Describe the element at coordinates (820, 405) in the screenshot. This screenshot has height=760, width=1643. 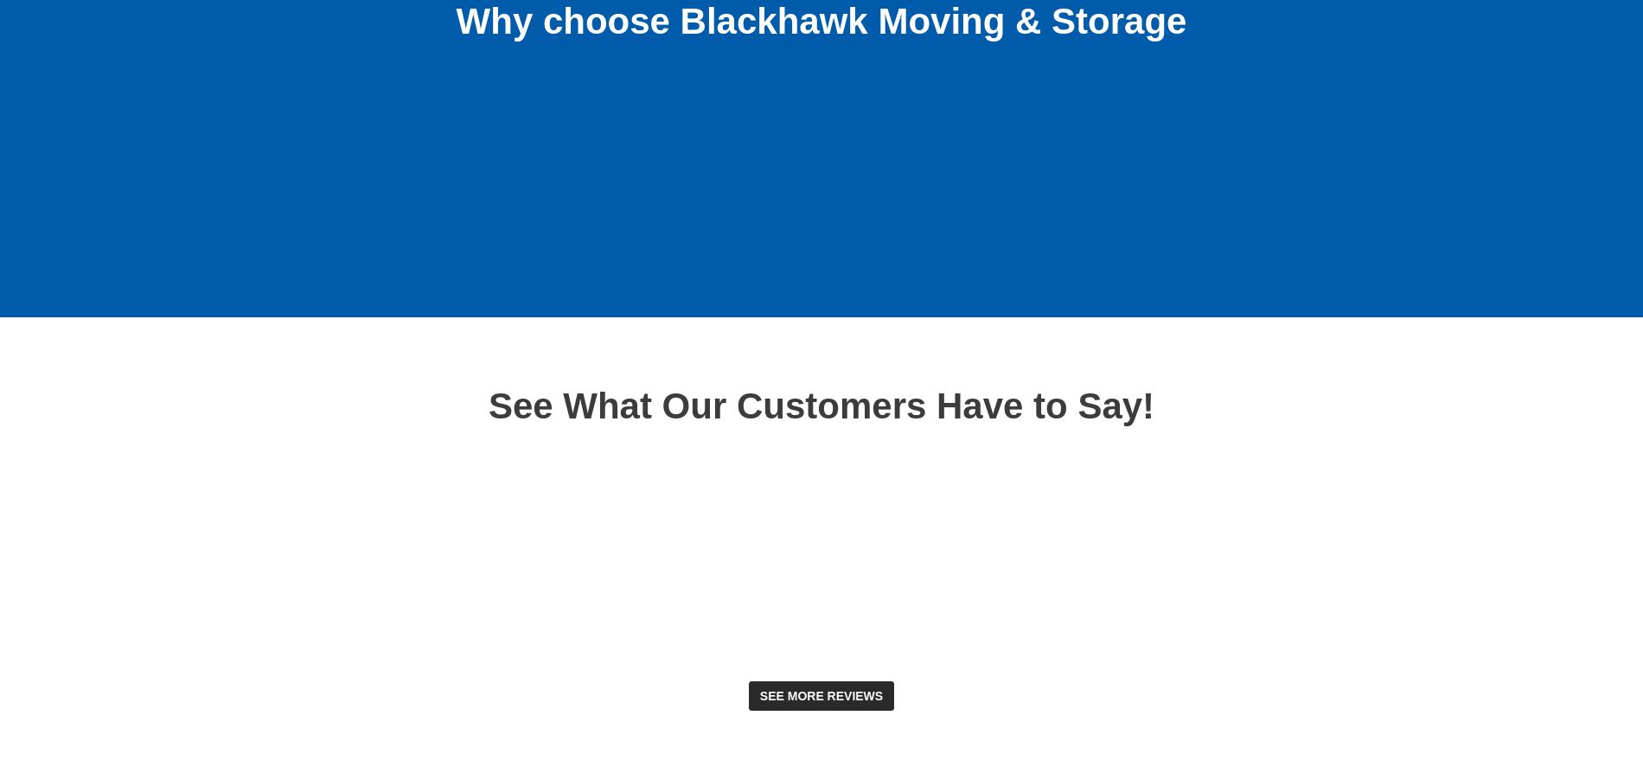
I see `'See What Our Customers Have to Say!'` at that location.